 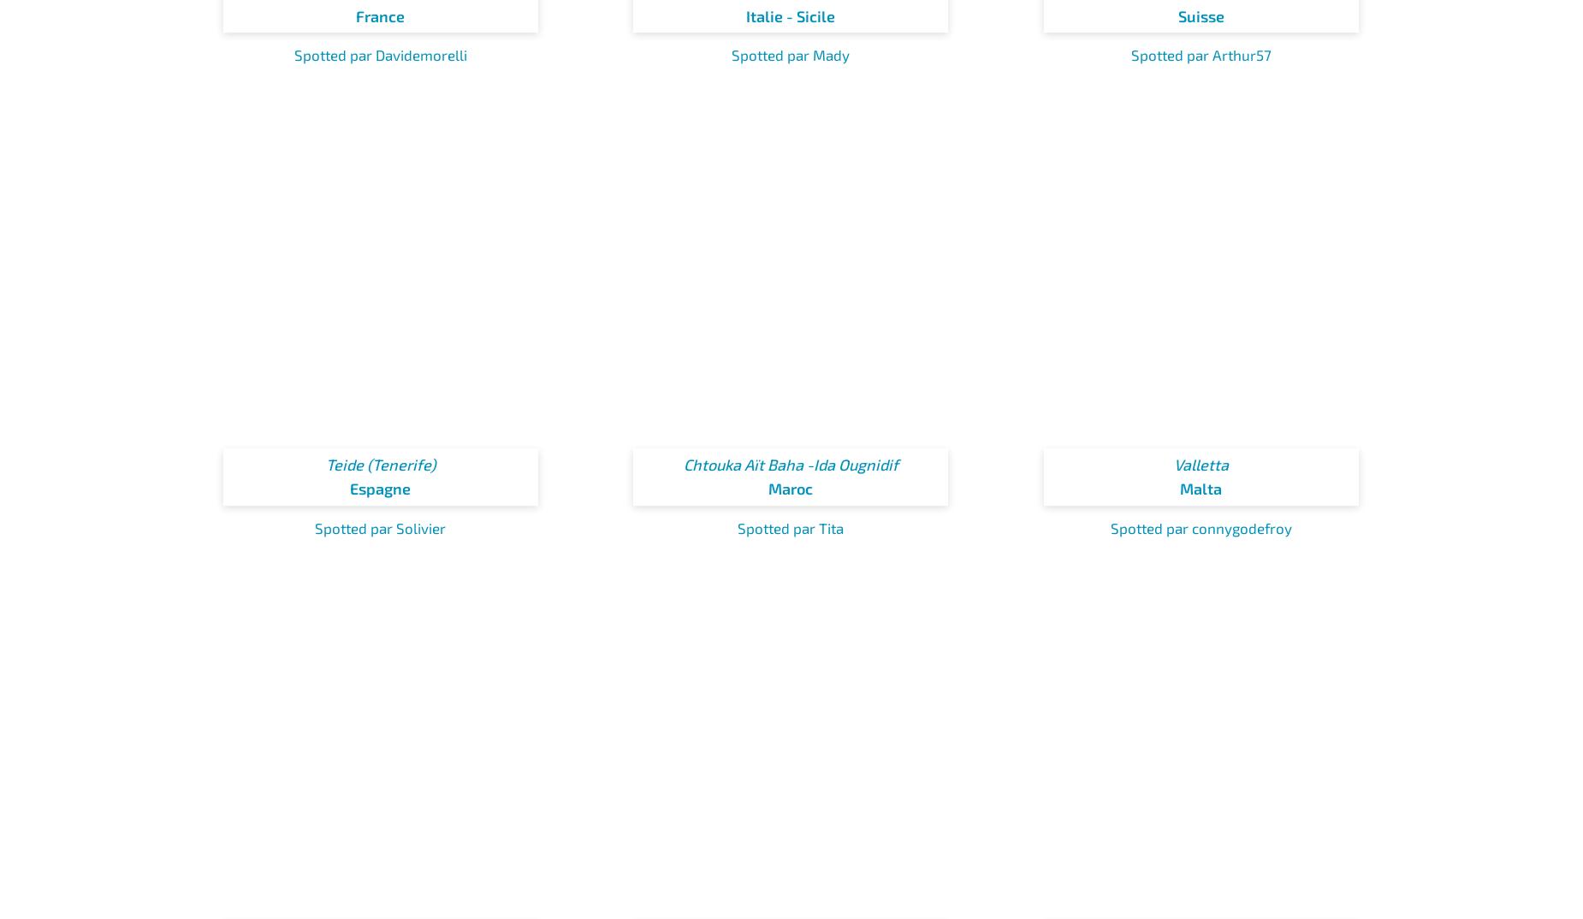 What do you see at coordinates (1201, 528) in the screenshot?
I see `'Spotted par connygodefroy'` at bounding box center [1201, 528].